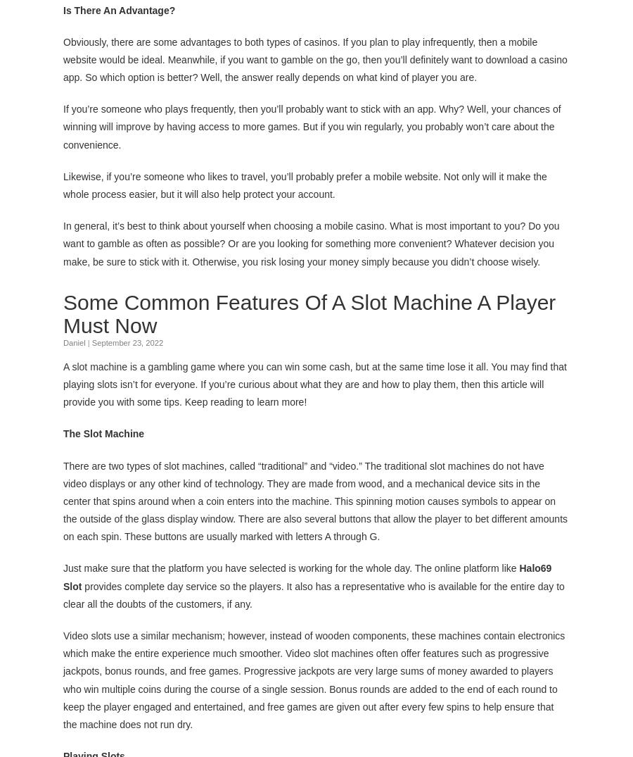  Describe the element at coordinates (314, 594) in the screenshot. I see `'It also has a representative who is available for the entire day to clear all the doubts of the customers, if any.'` at that location.